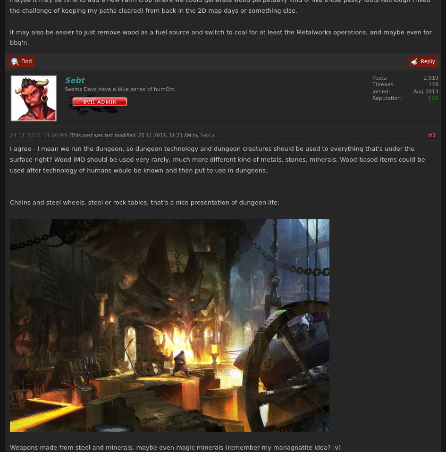  What do you see at coordinates (427, 98) in the screenshot?
I see `'114'` at bounding box center [427, 98].